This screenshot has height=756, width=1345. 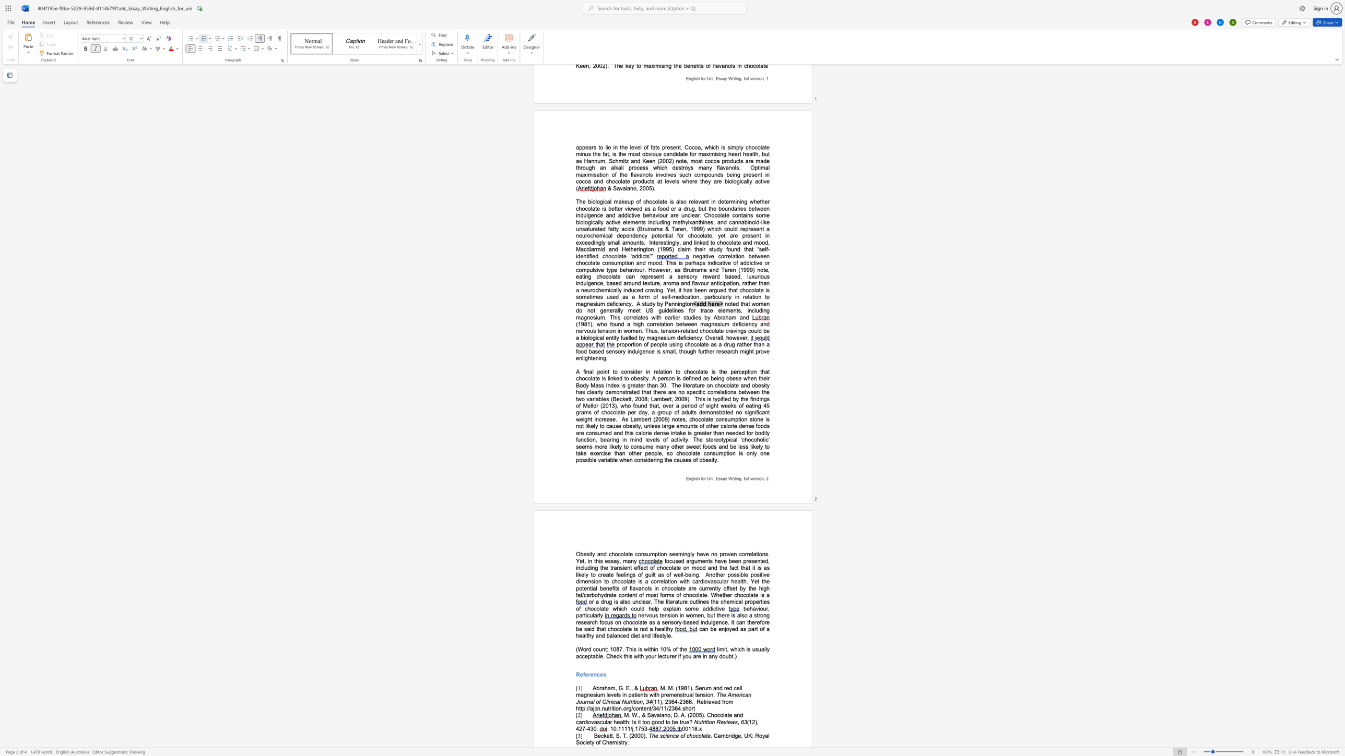 What do you see at coordinates (689, 709) in the screenshot?
I see `the 5th character "o" in the text` at bounding box center [689, 709].